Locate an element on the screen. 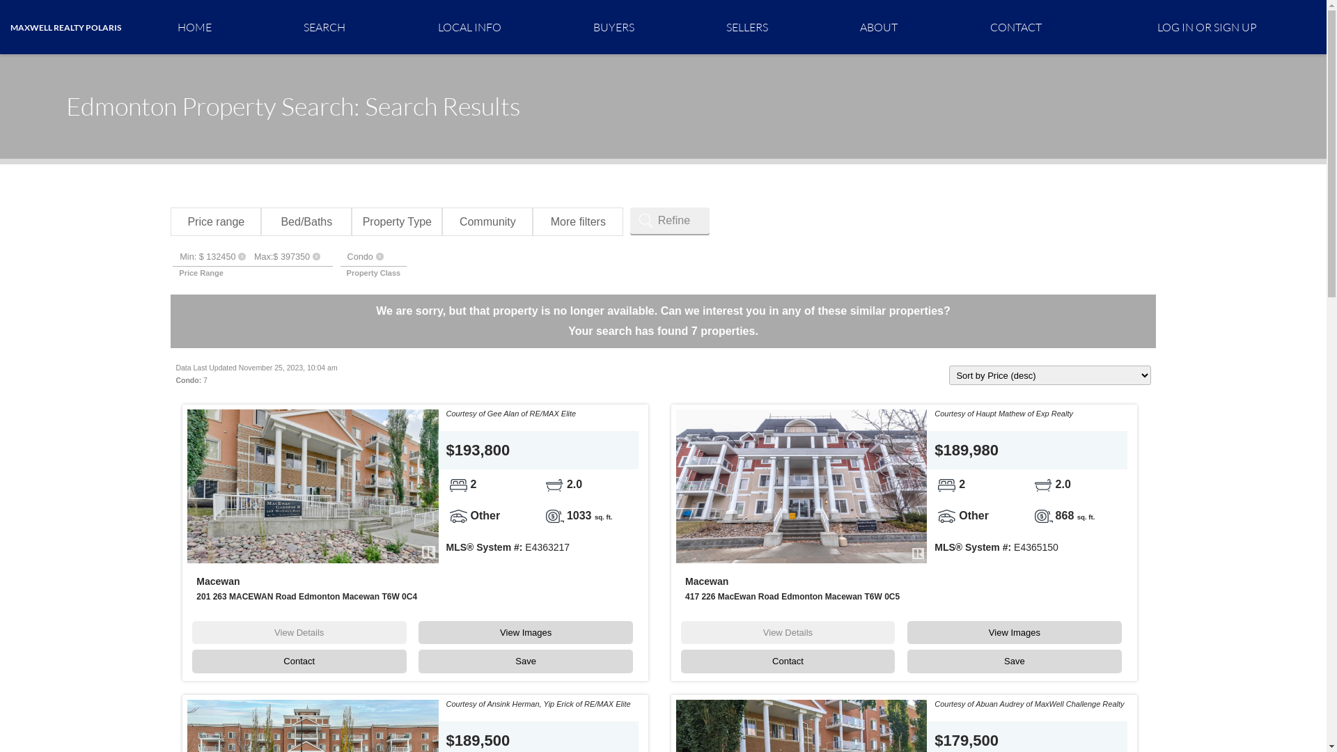 The image size is (1337, 752). 'LOG IN OR SIGN UP' is located at coordinates (1206, 26).